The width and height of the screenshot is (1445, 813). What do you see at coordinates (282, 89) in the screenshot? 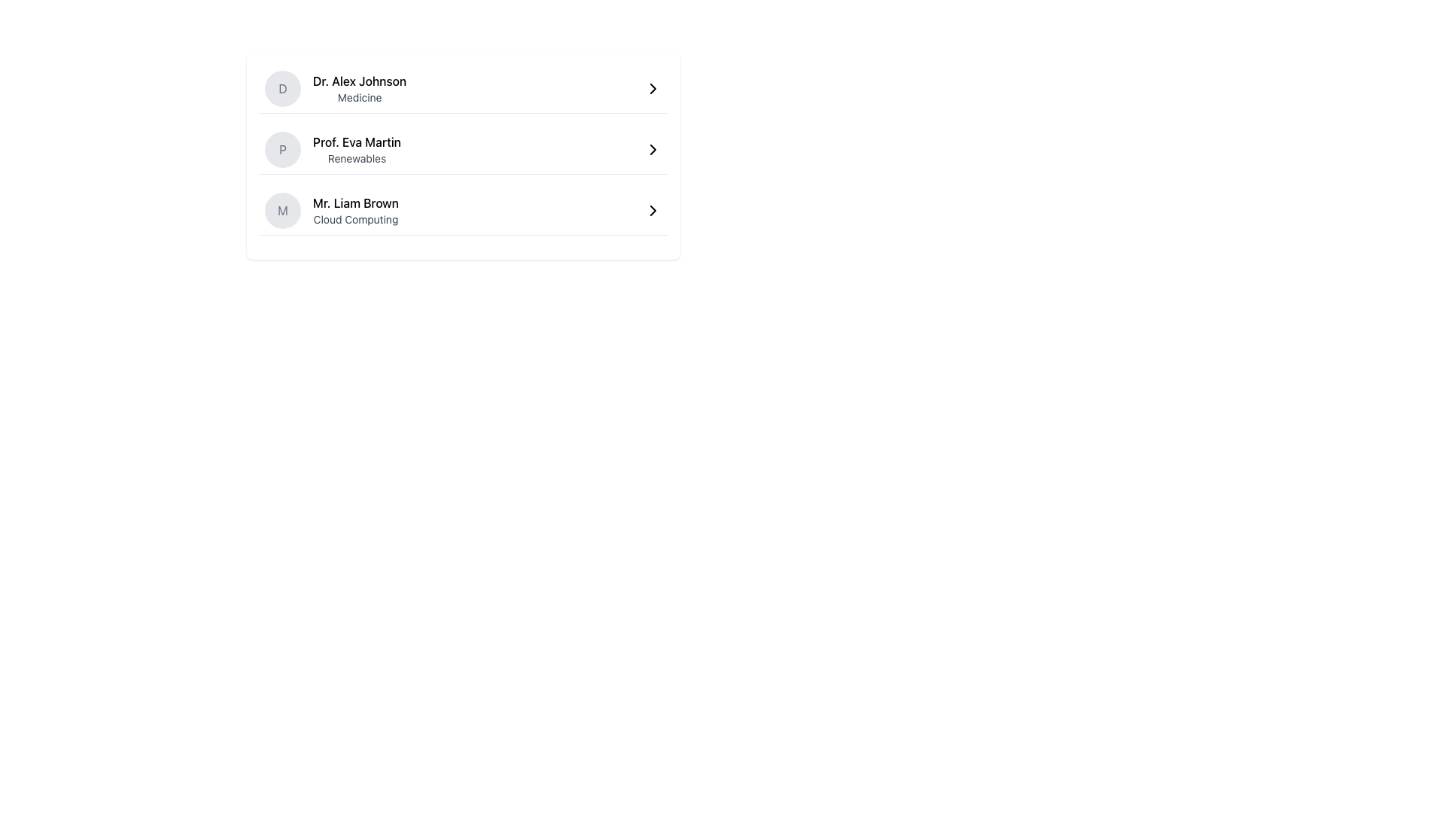
I see `the circular Avatar or Profile Icon with the letter 'D'` at bounding box center [282, 89].